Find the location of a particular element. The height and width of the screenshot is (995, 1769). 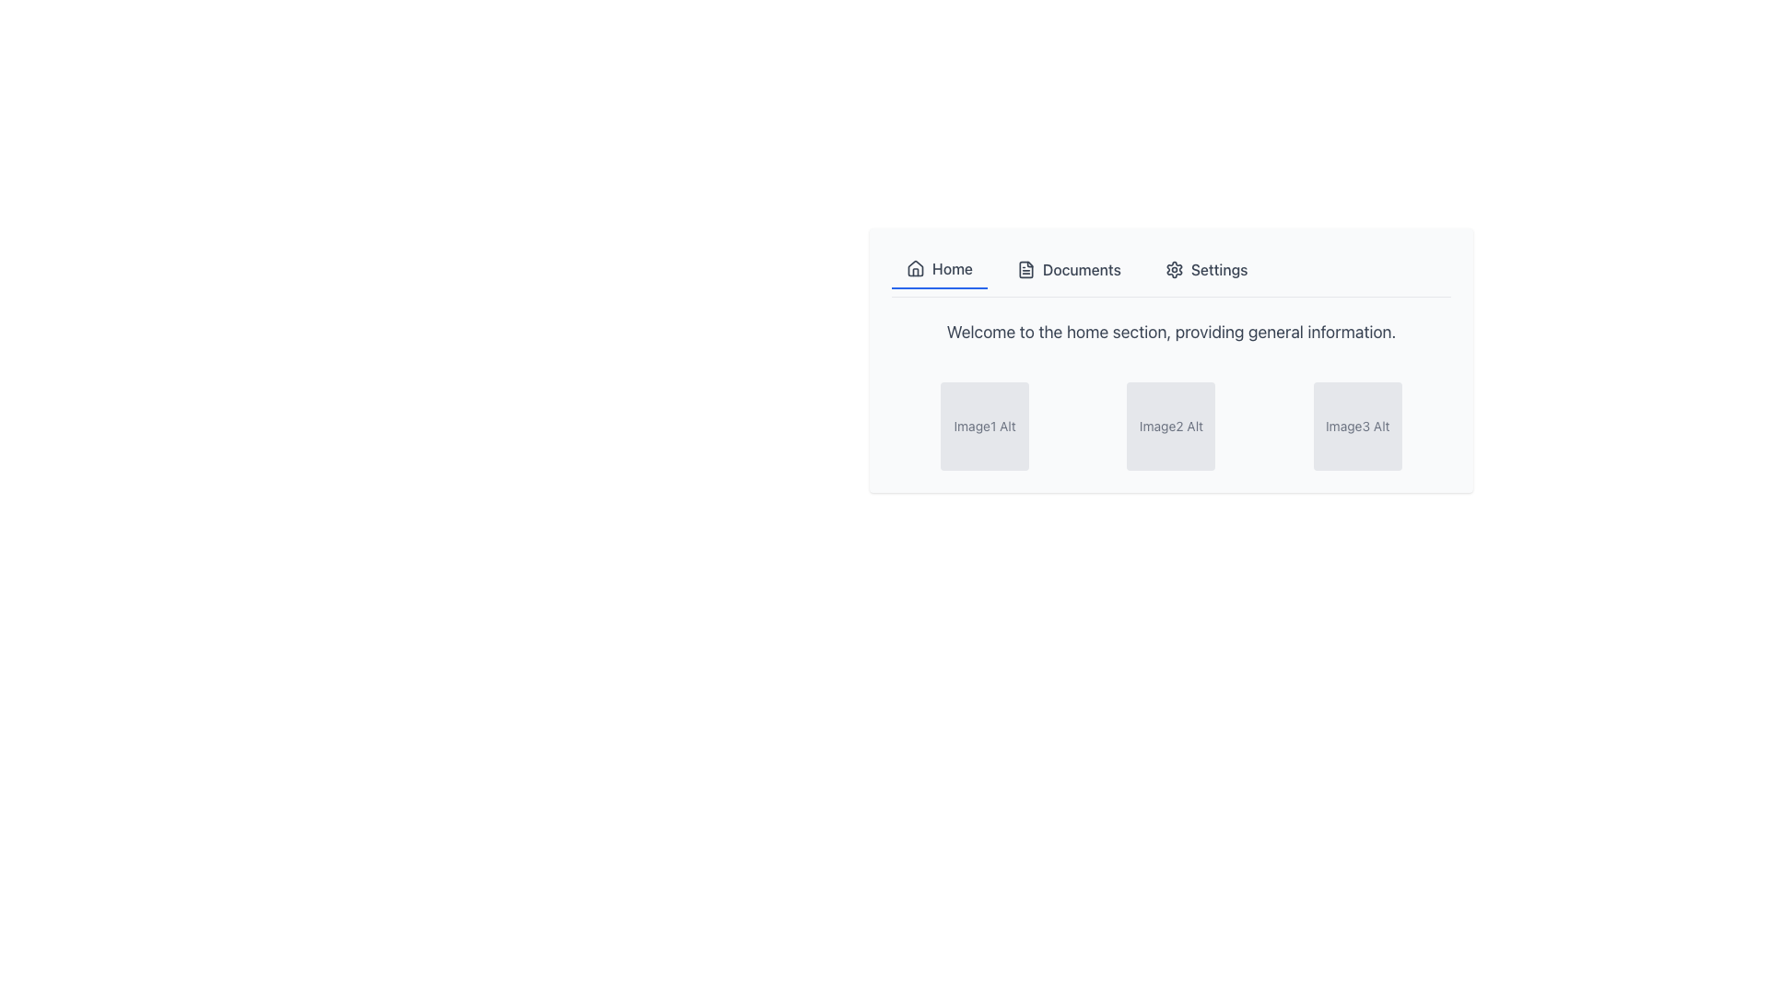

the 'Home' button in the navigation menu is located at coordinates (939, 270).